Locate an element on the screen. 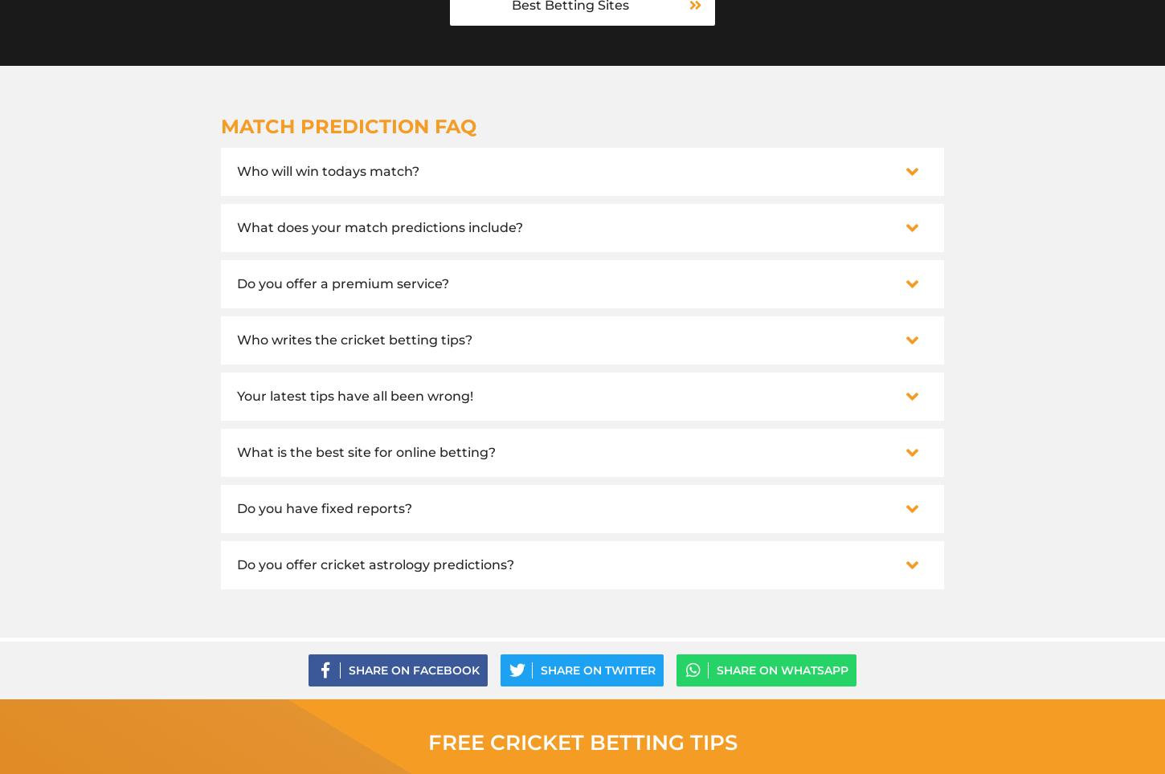 This screenshot has width=1165, height=774. 'Who will win todays match?' is located at coordinates (327, 170).